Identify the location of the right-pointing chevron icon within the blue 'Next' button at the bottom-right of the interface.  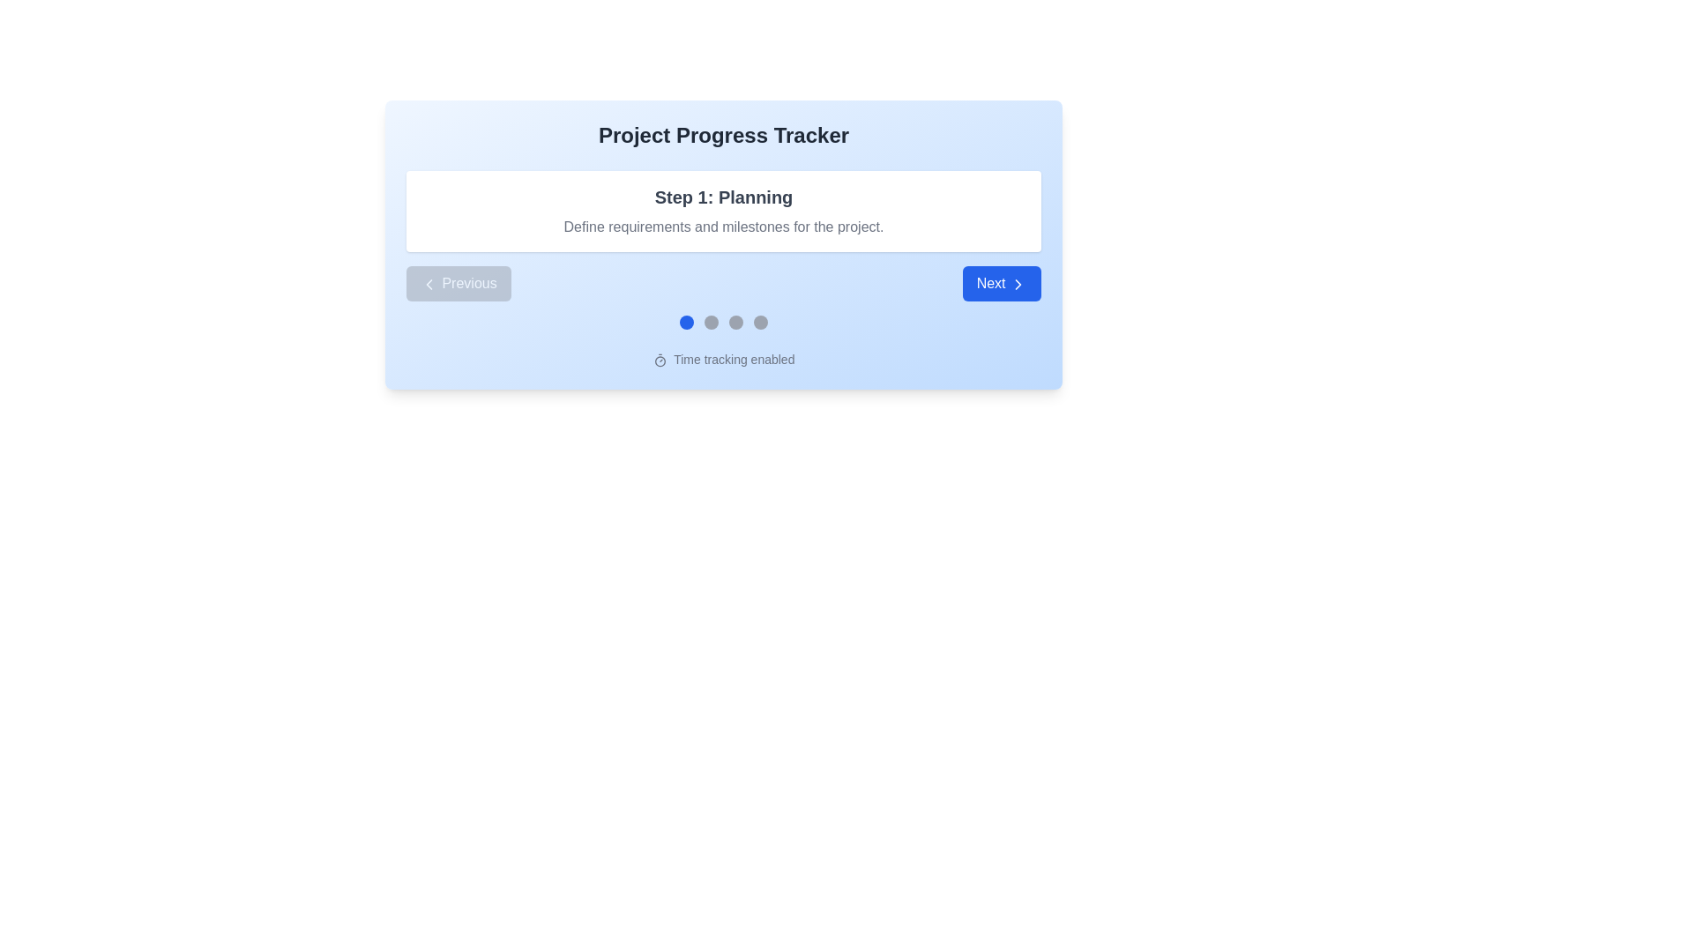
(1018, 282).